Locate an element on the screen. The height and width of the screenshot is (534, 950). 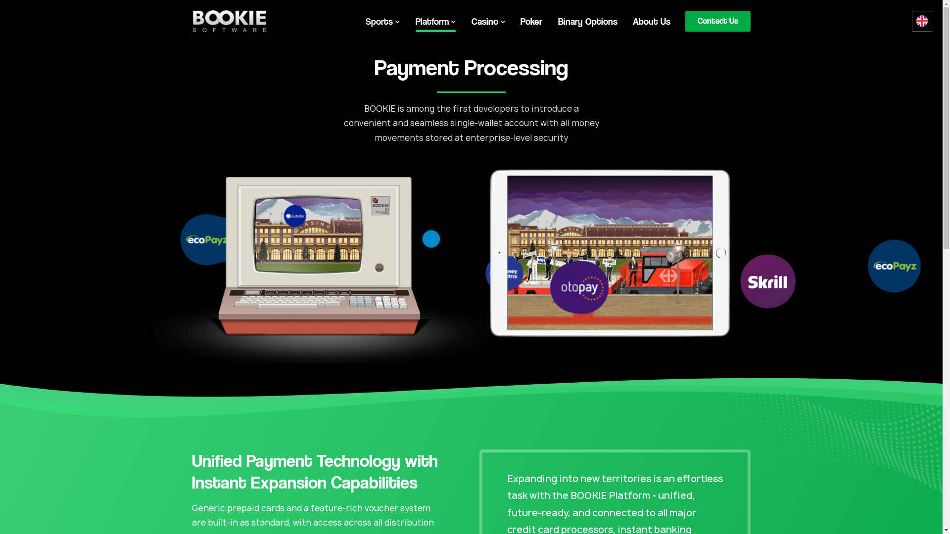
'Sports' is located at coordinates (325, 19).